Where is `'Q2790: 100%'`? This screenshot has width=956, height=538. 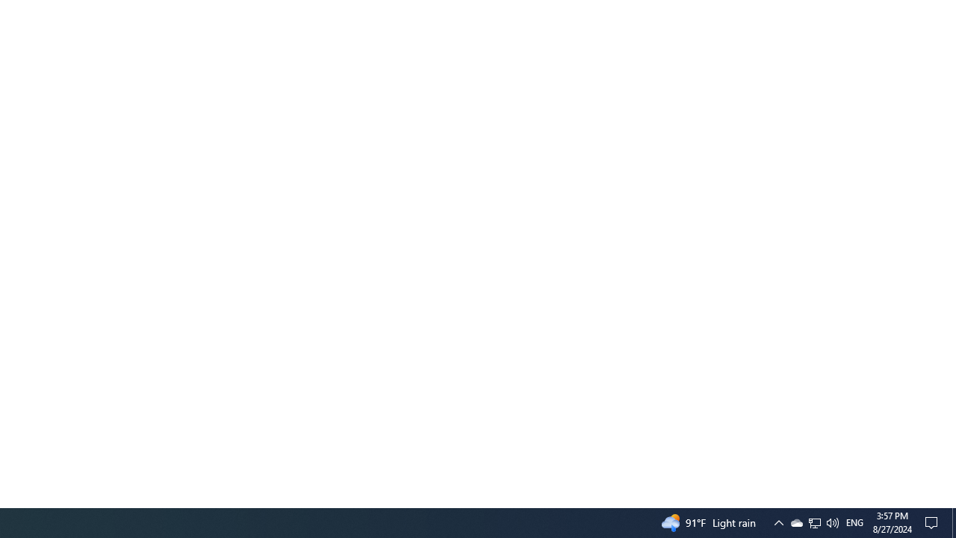
'Q2790: 100%' is located at coordinates (795, 522).